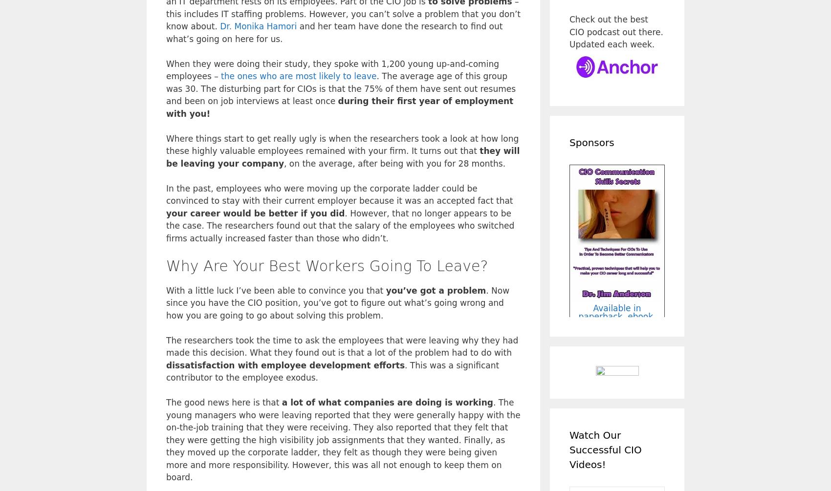  I want to click on '. Now since you have the CIO position, you’ve got to figure out what’s going wrong and how you are going to go about solving this problem.', so click(338, 302).